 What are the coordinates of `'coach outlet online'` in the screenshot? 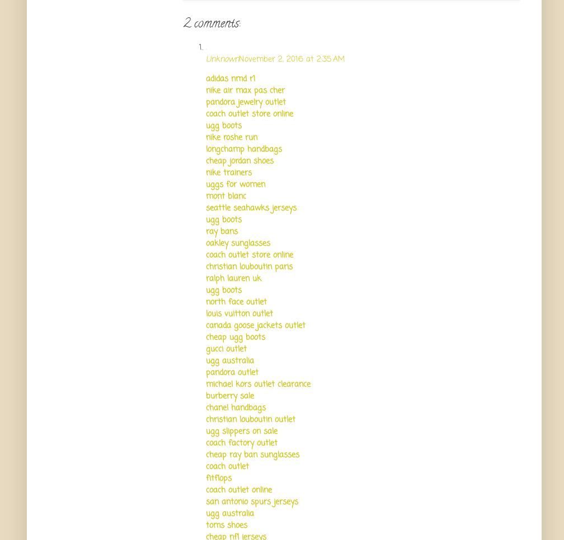 It's located at (238, 490).